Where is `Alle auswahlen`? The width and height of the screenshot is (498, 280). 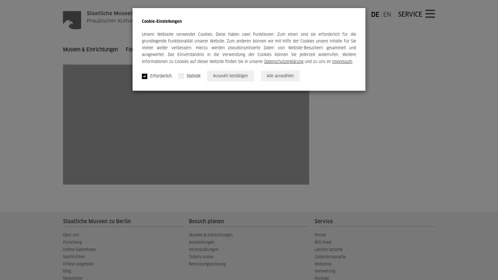 Alle auswahlen is located at coordinates (280, 76).